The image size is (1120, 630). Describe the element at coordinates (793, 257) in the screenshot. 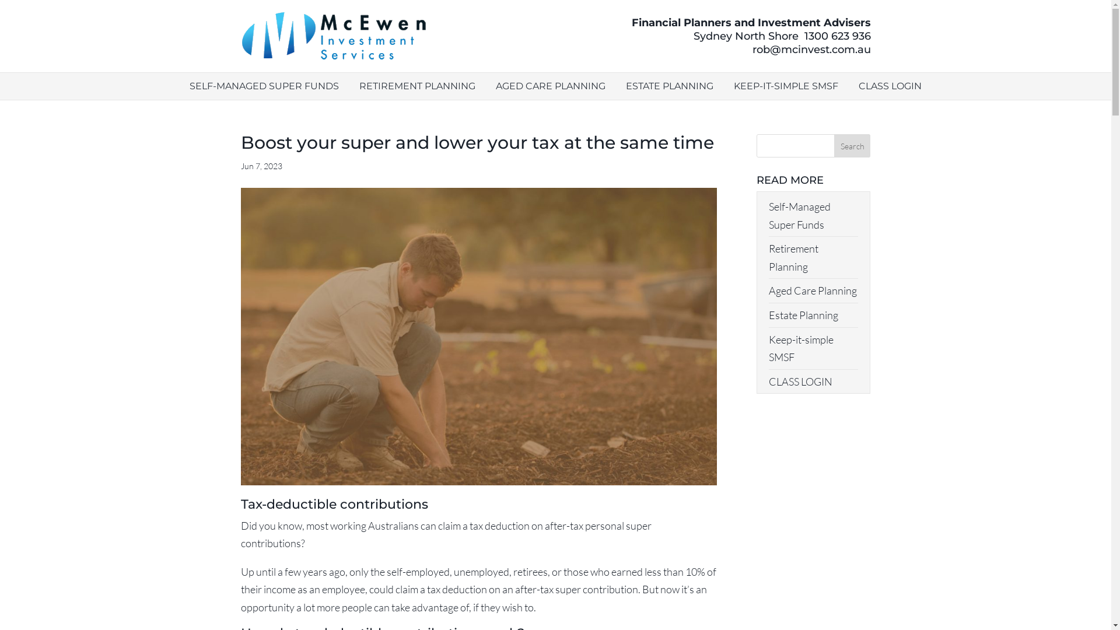

I see `'Retirement Planning'` at that location.